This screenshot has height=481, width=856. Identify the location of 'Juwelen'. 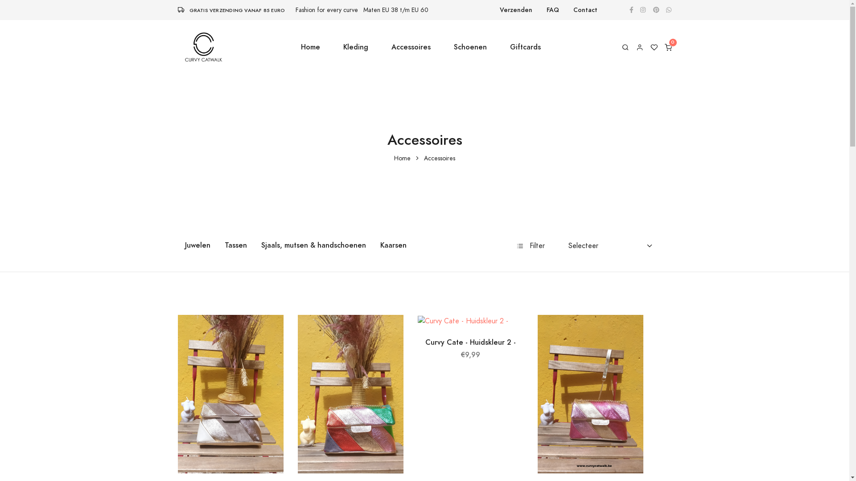
(197, 245).